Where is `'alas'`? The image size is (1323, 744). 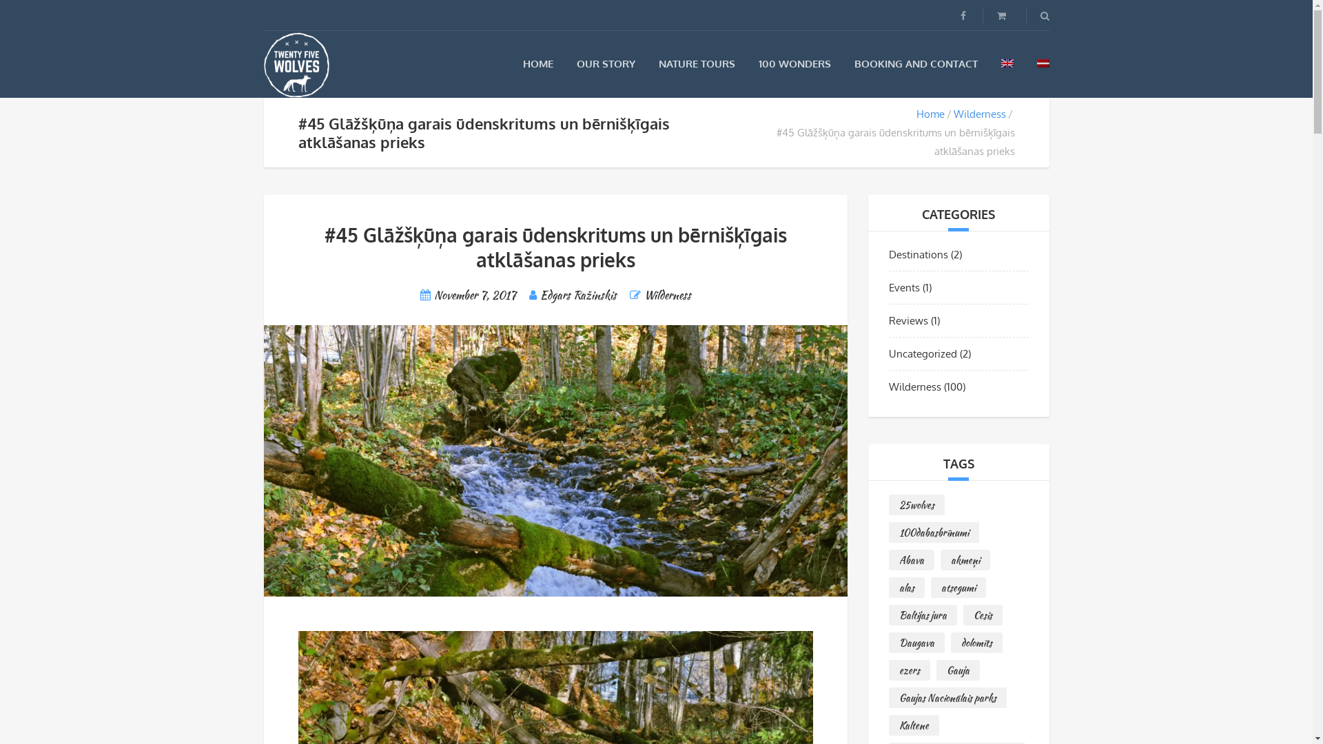 'alas' is located at coordinates (906, 587).